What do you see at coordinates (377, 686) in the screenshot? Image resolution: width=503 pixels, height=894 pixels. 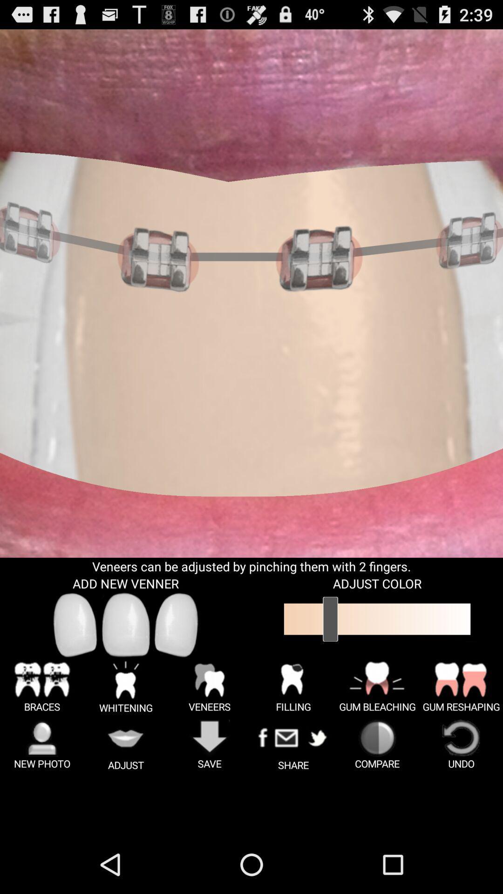 I see `icon on the right side of filling` at bounding box center [377, 686].